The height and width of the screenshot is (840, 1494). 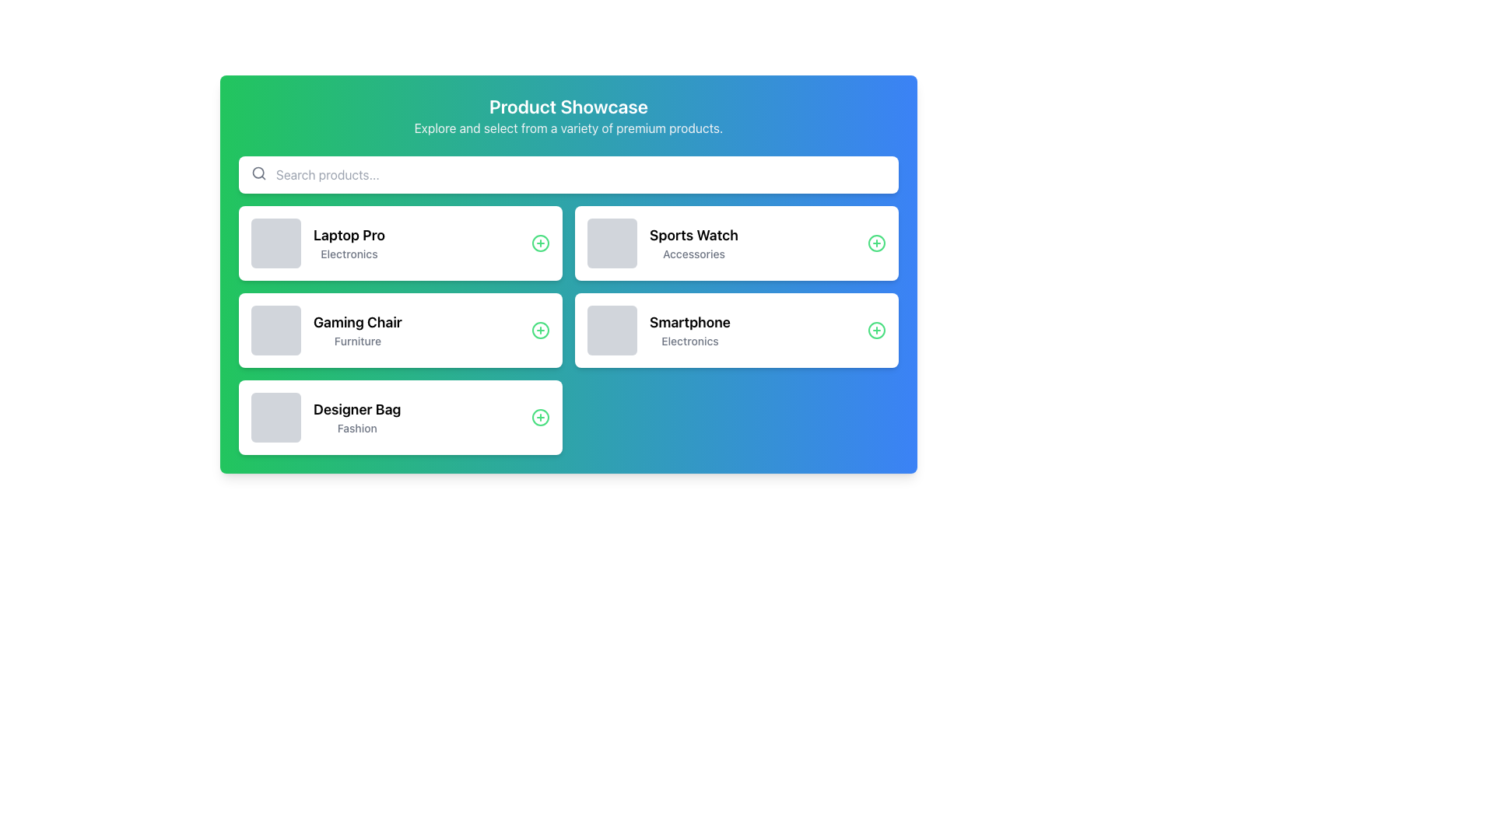 I want to click on the informational label displaying 'Smartphone' in bold black font and 'Electronics' in gray font, located in the second column of the second row of the product grid, so click(x=658, y=329).